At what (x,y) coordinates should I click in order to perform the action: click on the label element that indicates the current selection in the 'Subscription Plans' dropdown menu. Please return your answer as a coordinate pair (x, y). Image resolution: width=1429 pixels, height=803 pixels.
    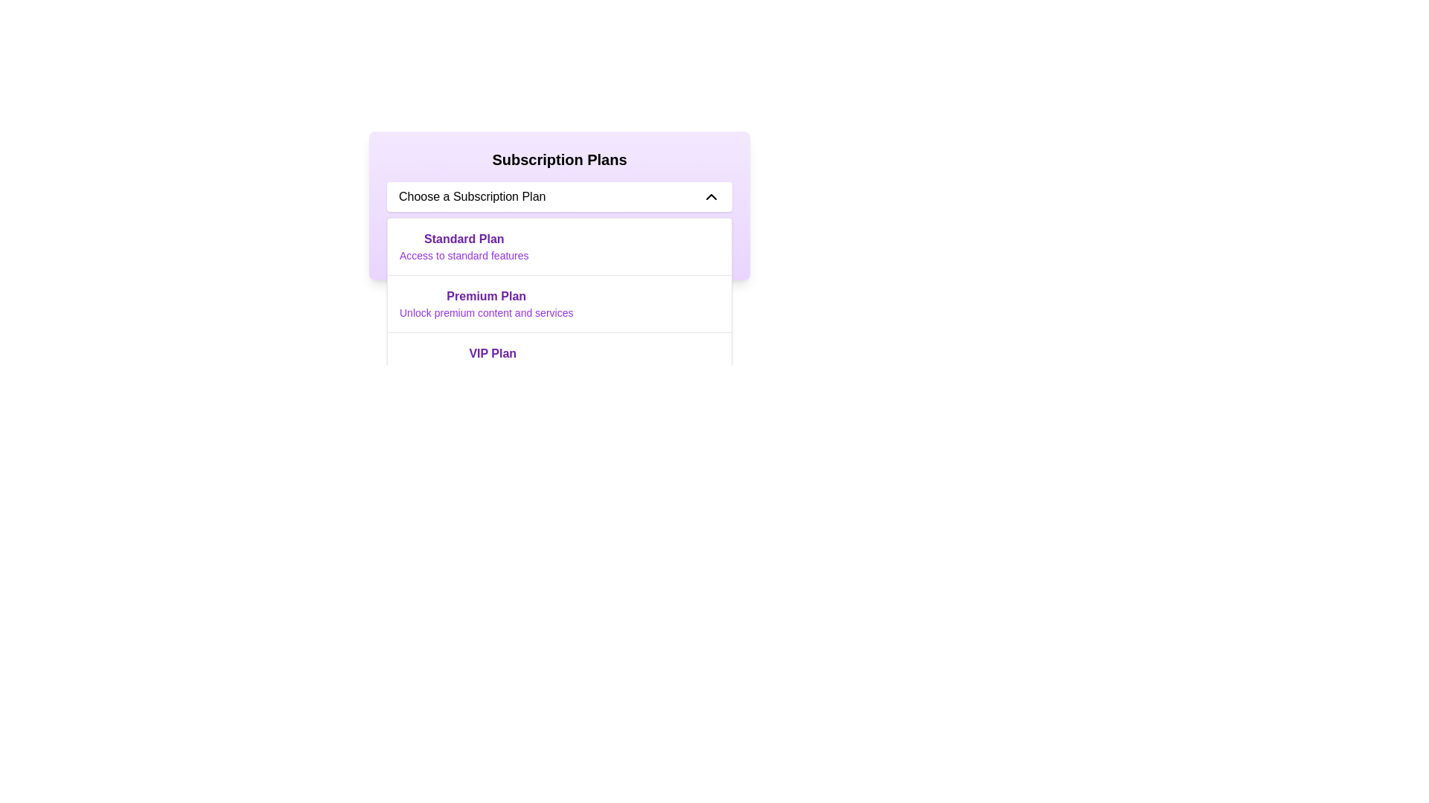
    Looking at the image, I should click on (471, 196).